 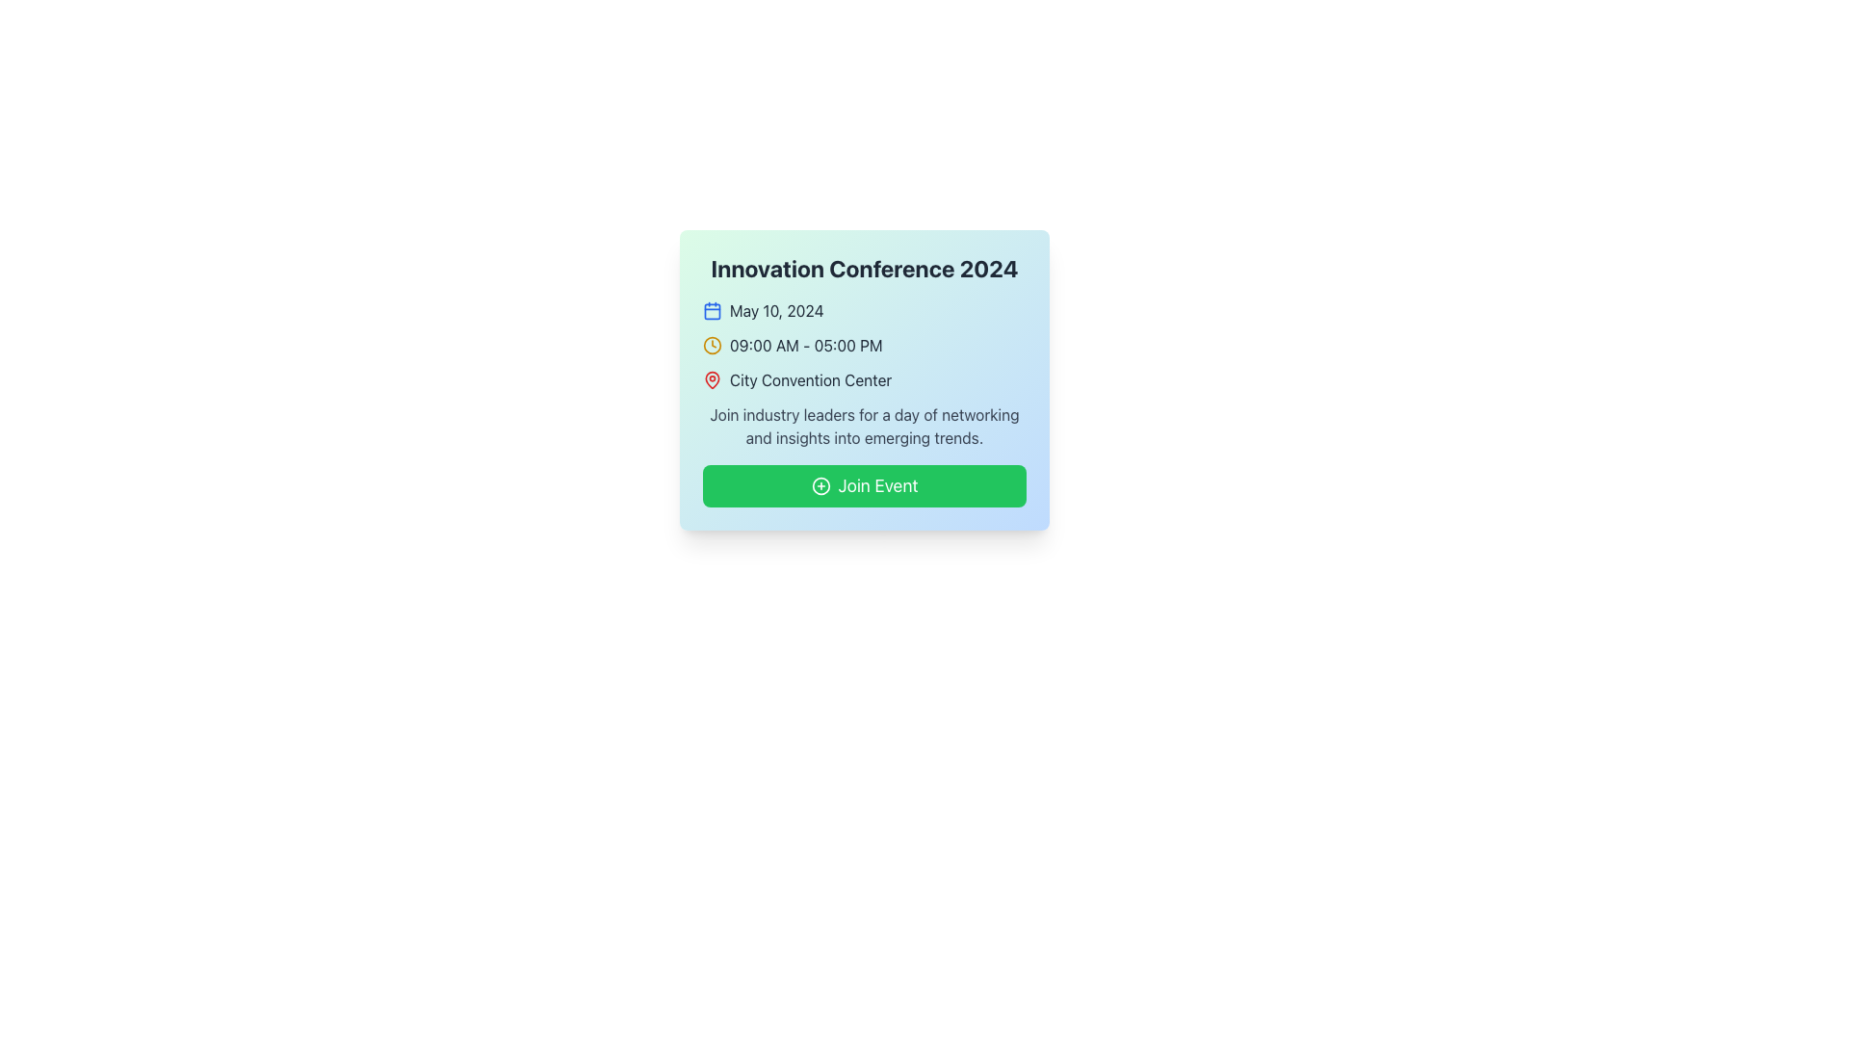 What do you see at coordinates (820, 485) in the screenshot?
I see `the circular icon that visually complements the 'Join Event' button located at the bottom of the event information card` at bounding box center [820, 485].